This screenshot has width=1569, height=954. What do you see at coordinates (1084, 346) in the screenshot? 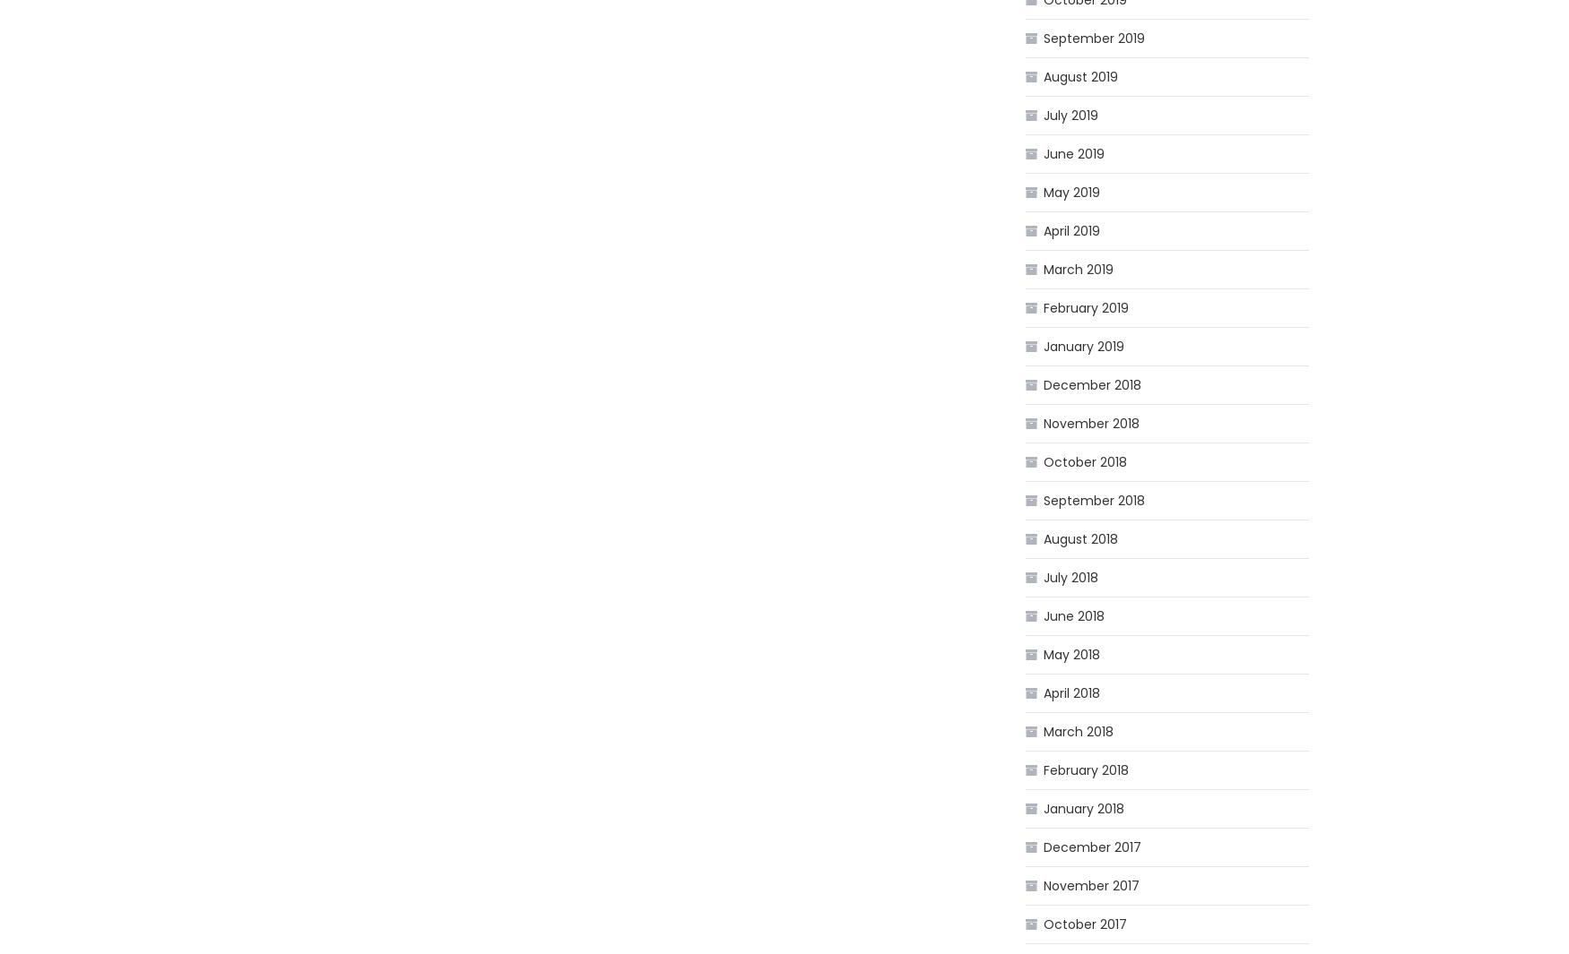
I see `'January 2019'` at bounding box center [1084, 346].